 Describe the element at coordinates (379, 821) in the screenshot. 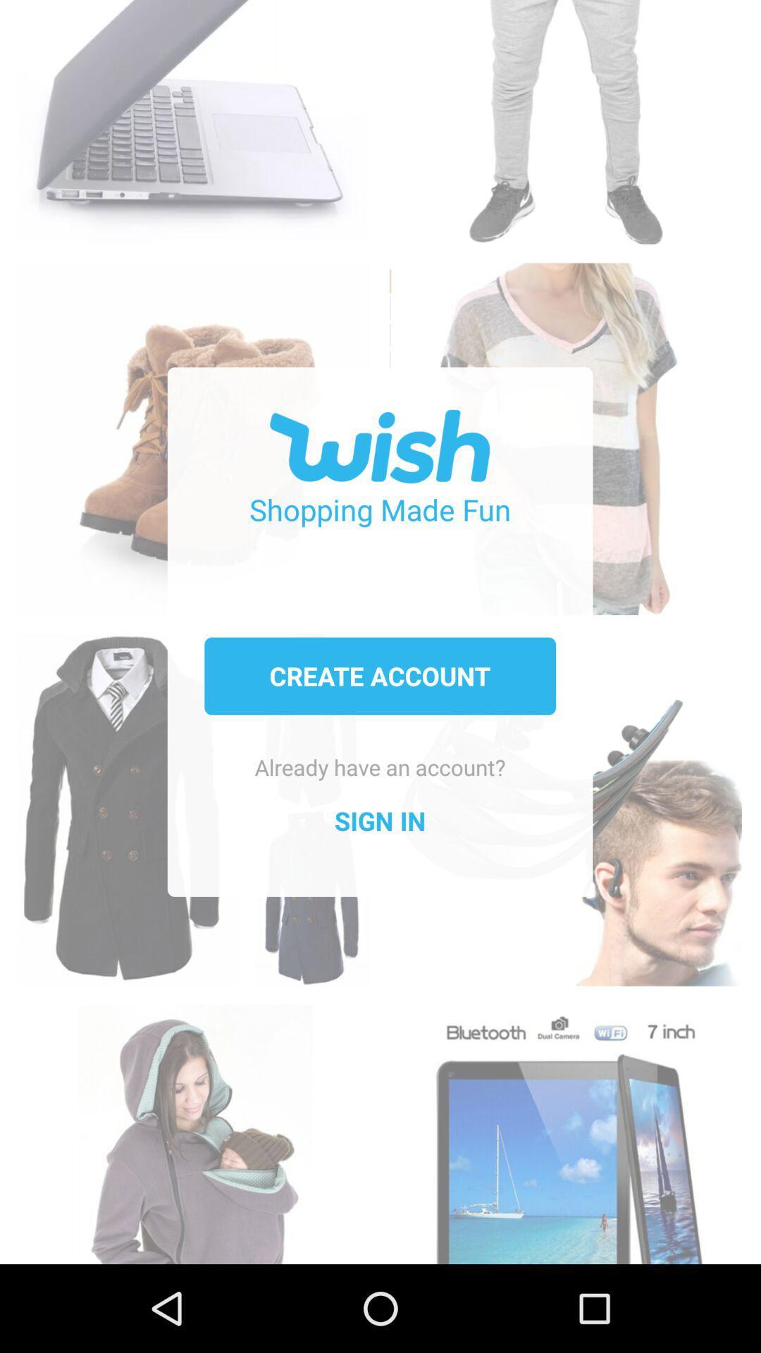

I see `sign in item` at that location.